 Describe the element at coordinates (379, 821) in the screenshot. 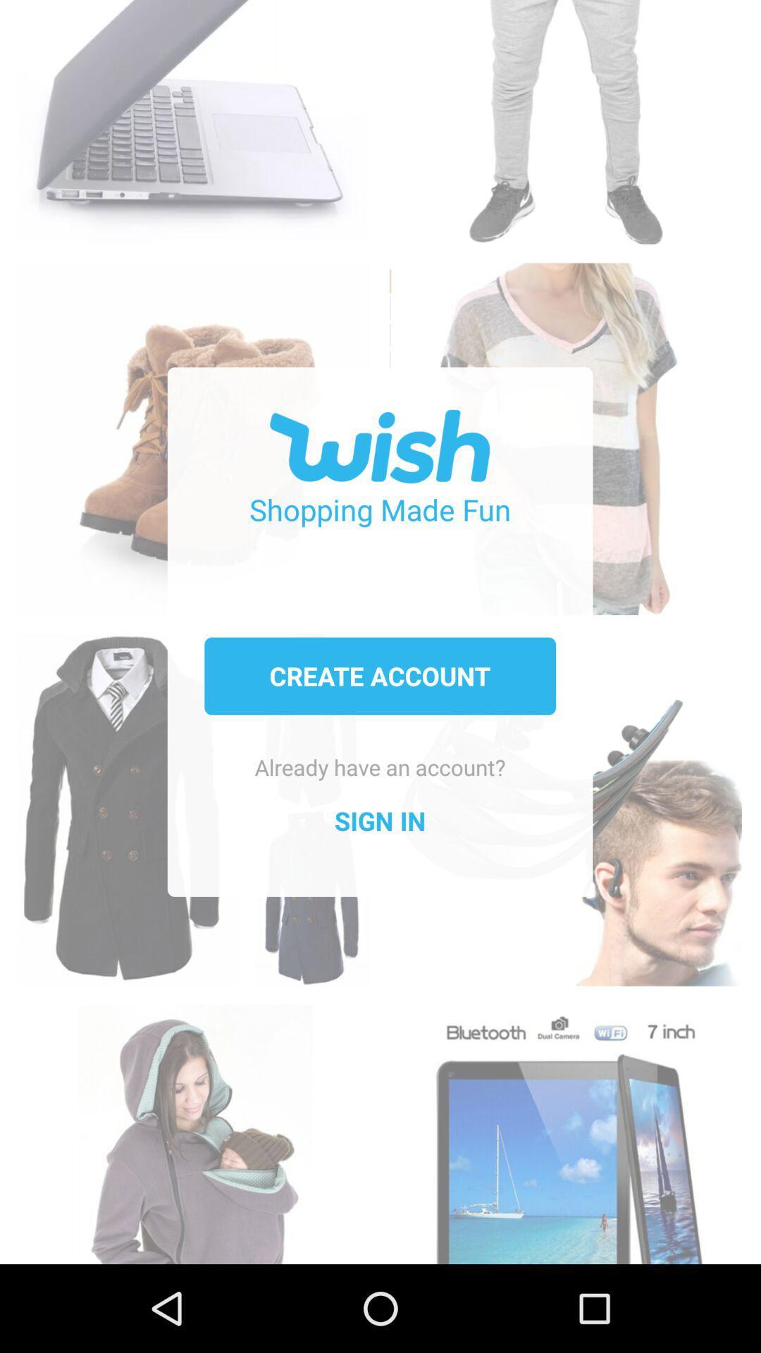

I see `sign in item` at that location.